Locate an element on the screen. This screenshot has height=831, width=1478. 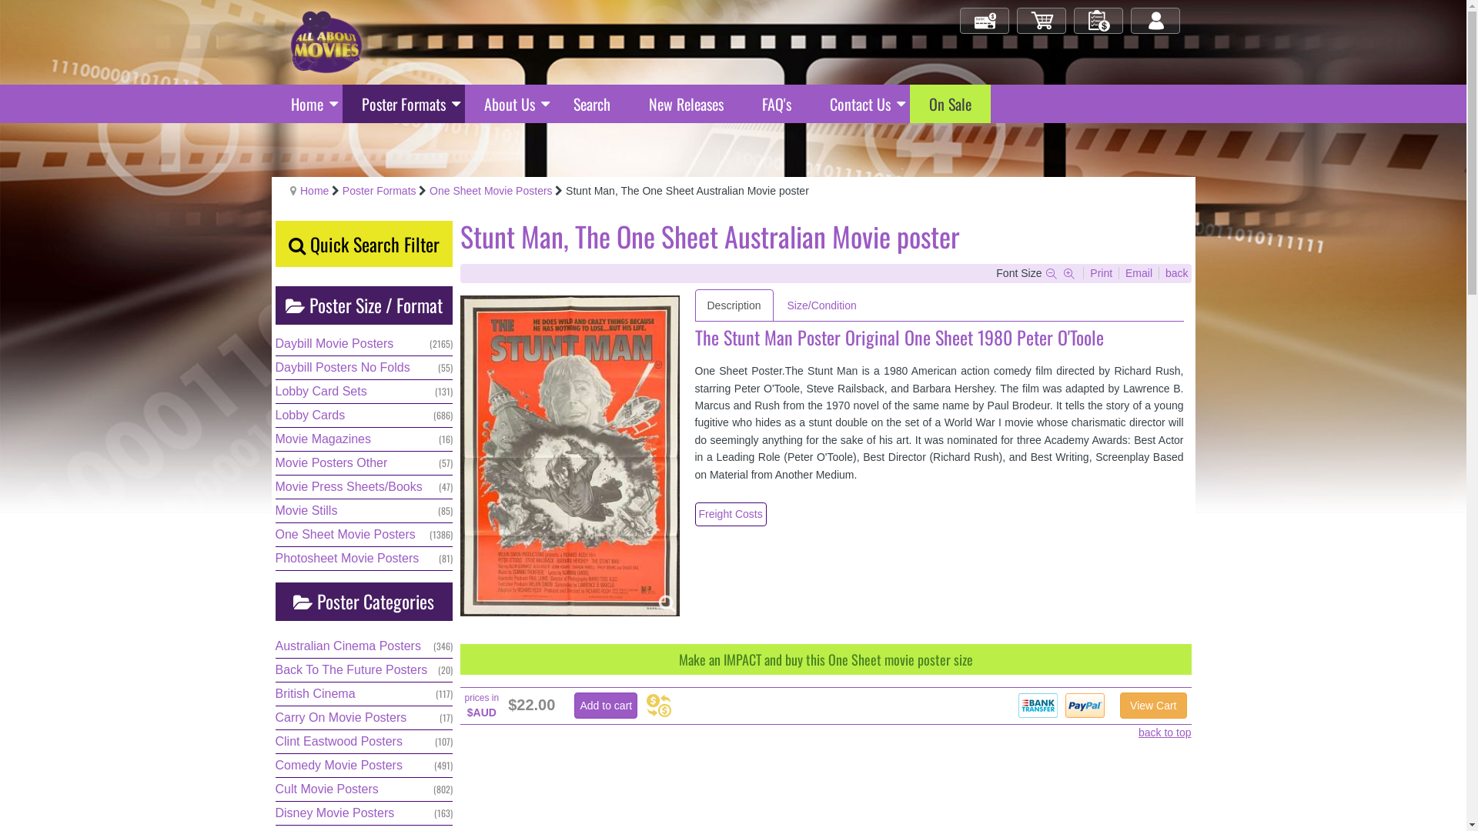
'My Cart' is located at coordinates (1017, 21).